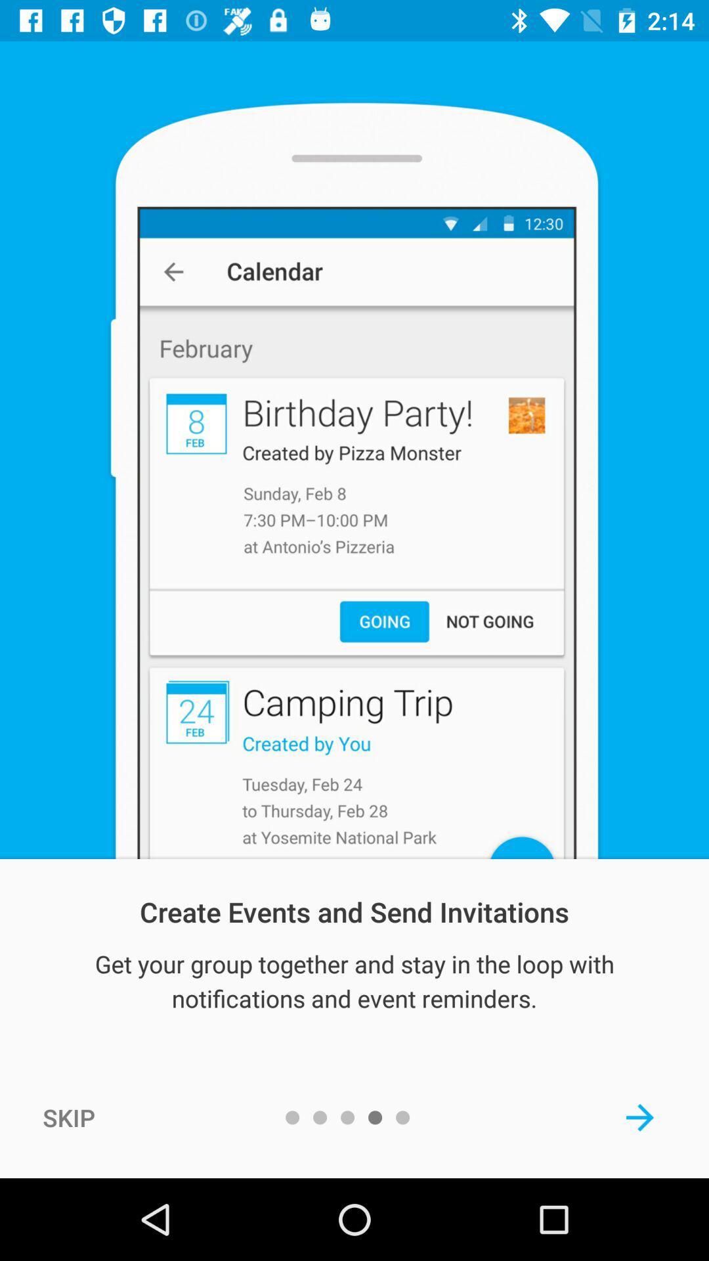 The width and height of the screenshot is (709, 1261). What do you see at coordinates (639, 1117) in the screenshot?
I see `previous` at bounding box center [639, 1117].